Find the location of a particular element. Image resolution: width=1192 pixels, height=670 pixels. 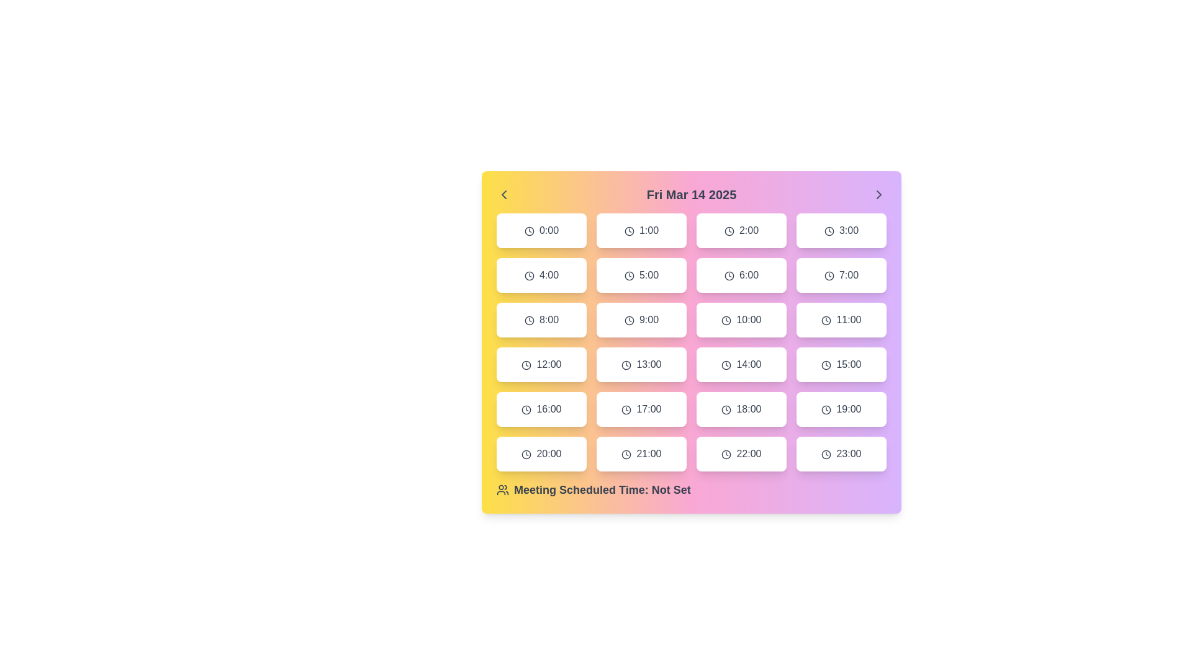

decorative circle component within the clock icon located in the button labeled '5:00' for development purposes is located at coordinates (629, 275).